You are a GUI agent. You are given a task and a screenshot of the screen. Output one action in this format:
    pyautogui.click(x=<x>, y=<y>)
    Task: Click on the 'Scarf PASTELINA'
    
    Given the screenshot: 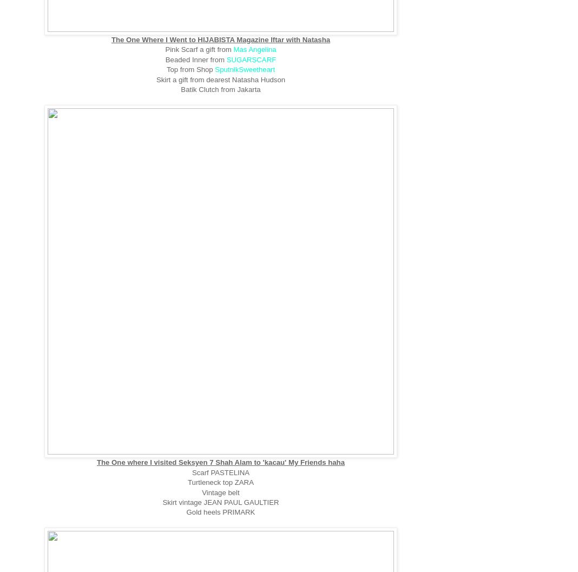 What is the action you would take?
    pyautogui.click(x=220, y=471)
    